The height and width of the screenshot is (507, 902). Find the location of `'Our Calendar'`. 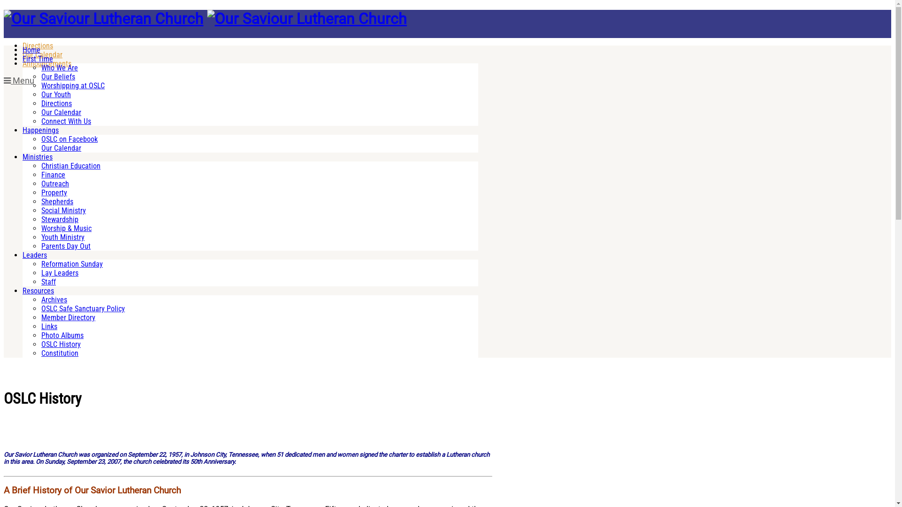

'Our Calendar' is located at coordinates (61, 112).